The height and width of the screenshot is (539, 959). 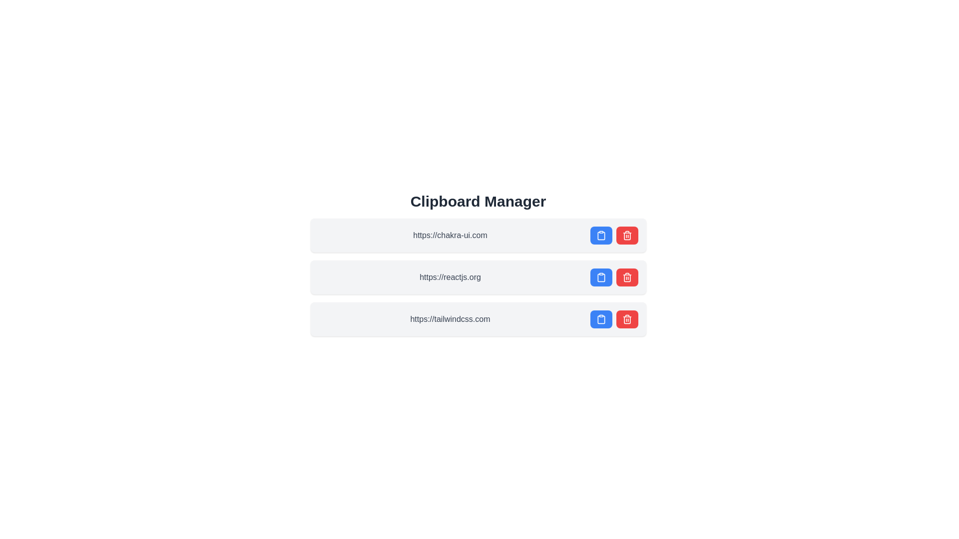 I want to click on the clipboard copying button located as the first button in the second row of interactive controls, adjacent to the 'https://reactjs.org' text element, to copy the text to the clipboard, so click(x=600, y=277).